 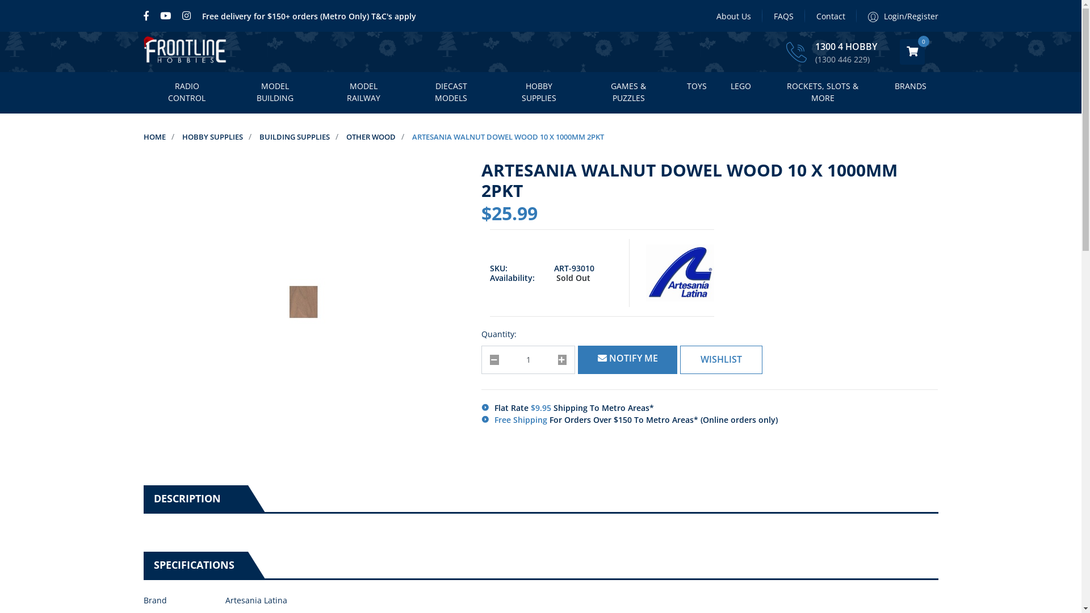 I want to click on 'Login/Register', so click(x=896, y=15).